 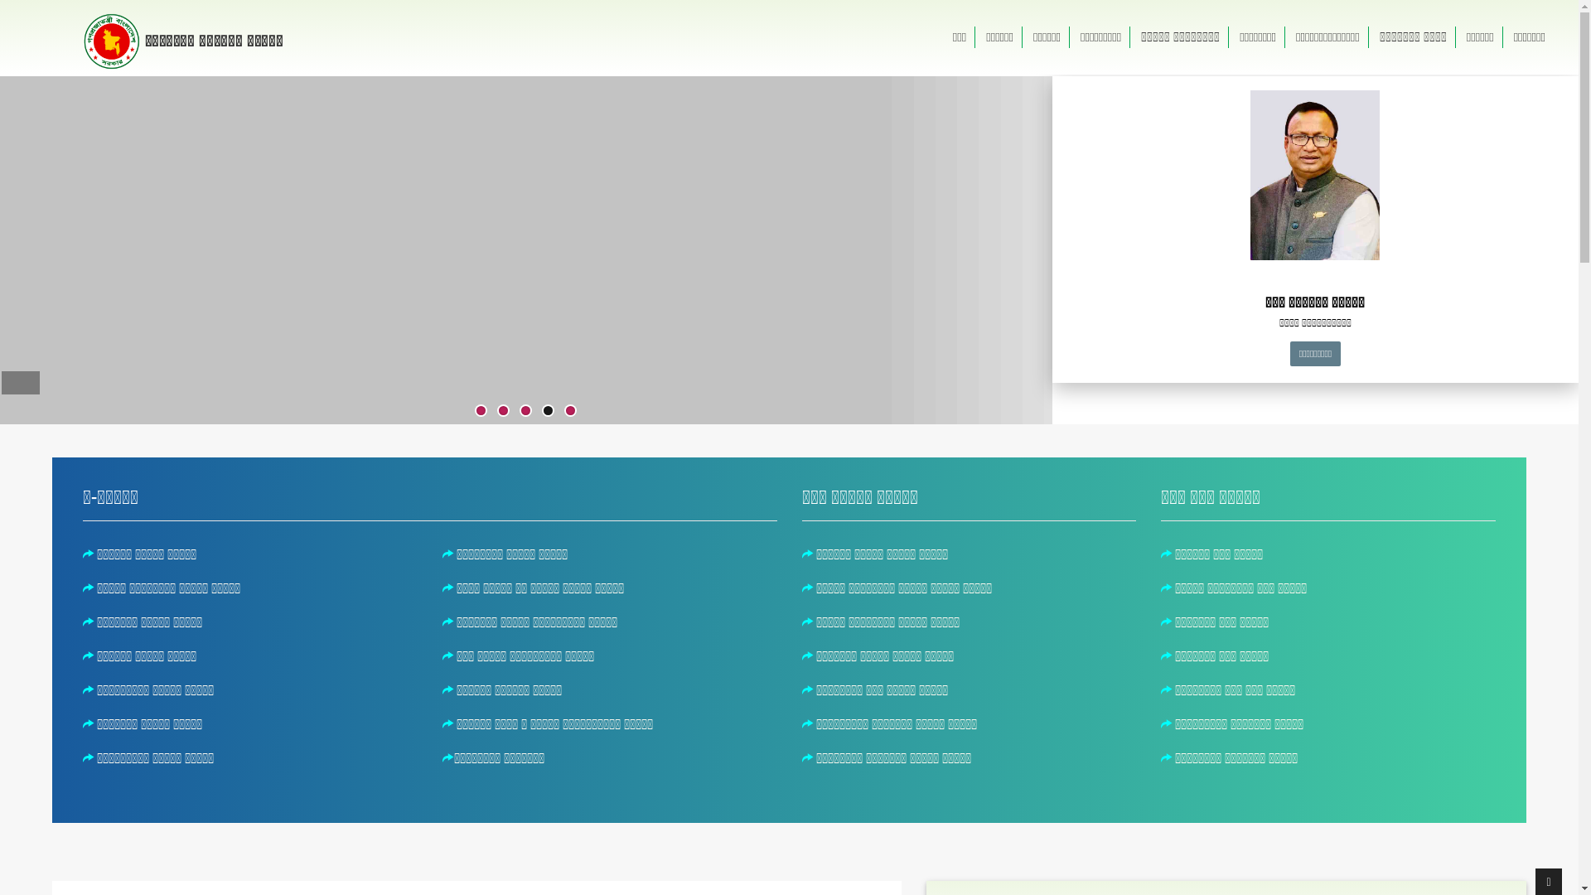 I want to click on '1', so click(x=480, y=410).